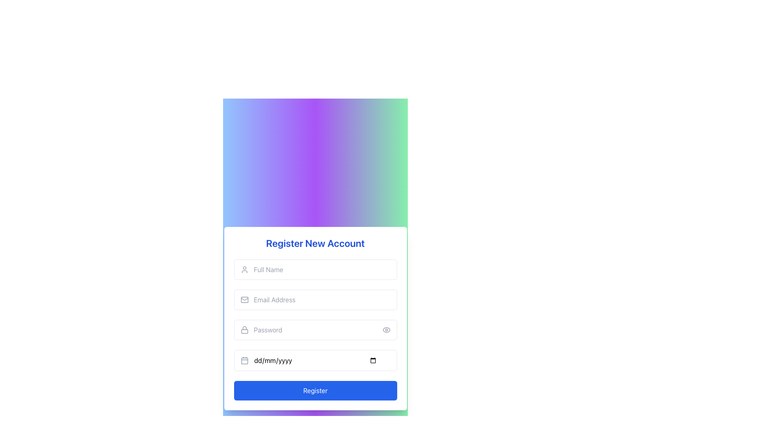 This screenshot has height=440, width=783. I want to click on the security icon located to the left of the 'Password' input field in the registration form, which symbolizes security and privacy, so click(244, 330).